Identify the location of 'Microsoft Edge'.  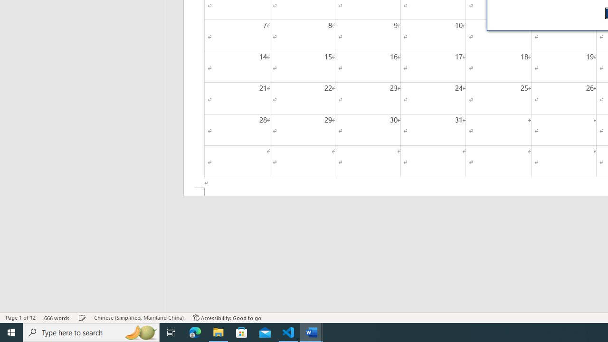
(195, 332).